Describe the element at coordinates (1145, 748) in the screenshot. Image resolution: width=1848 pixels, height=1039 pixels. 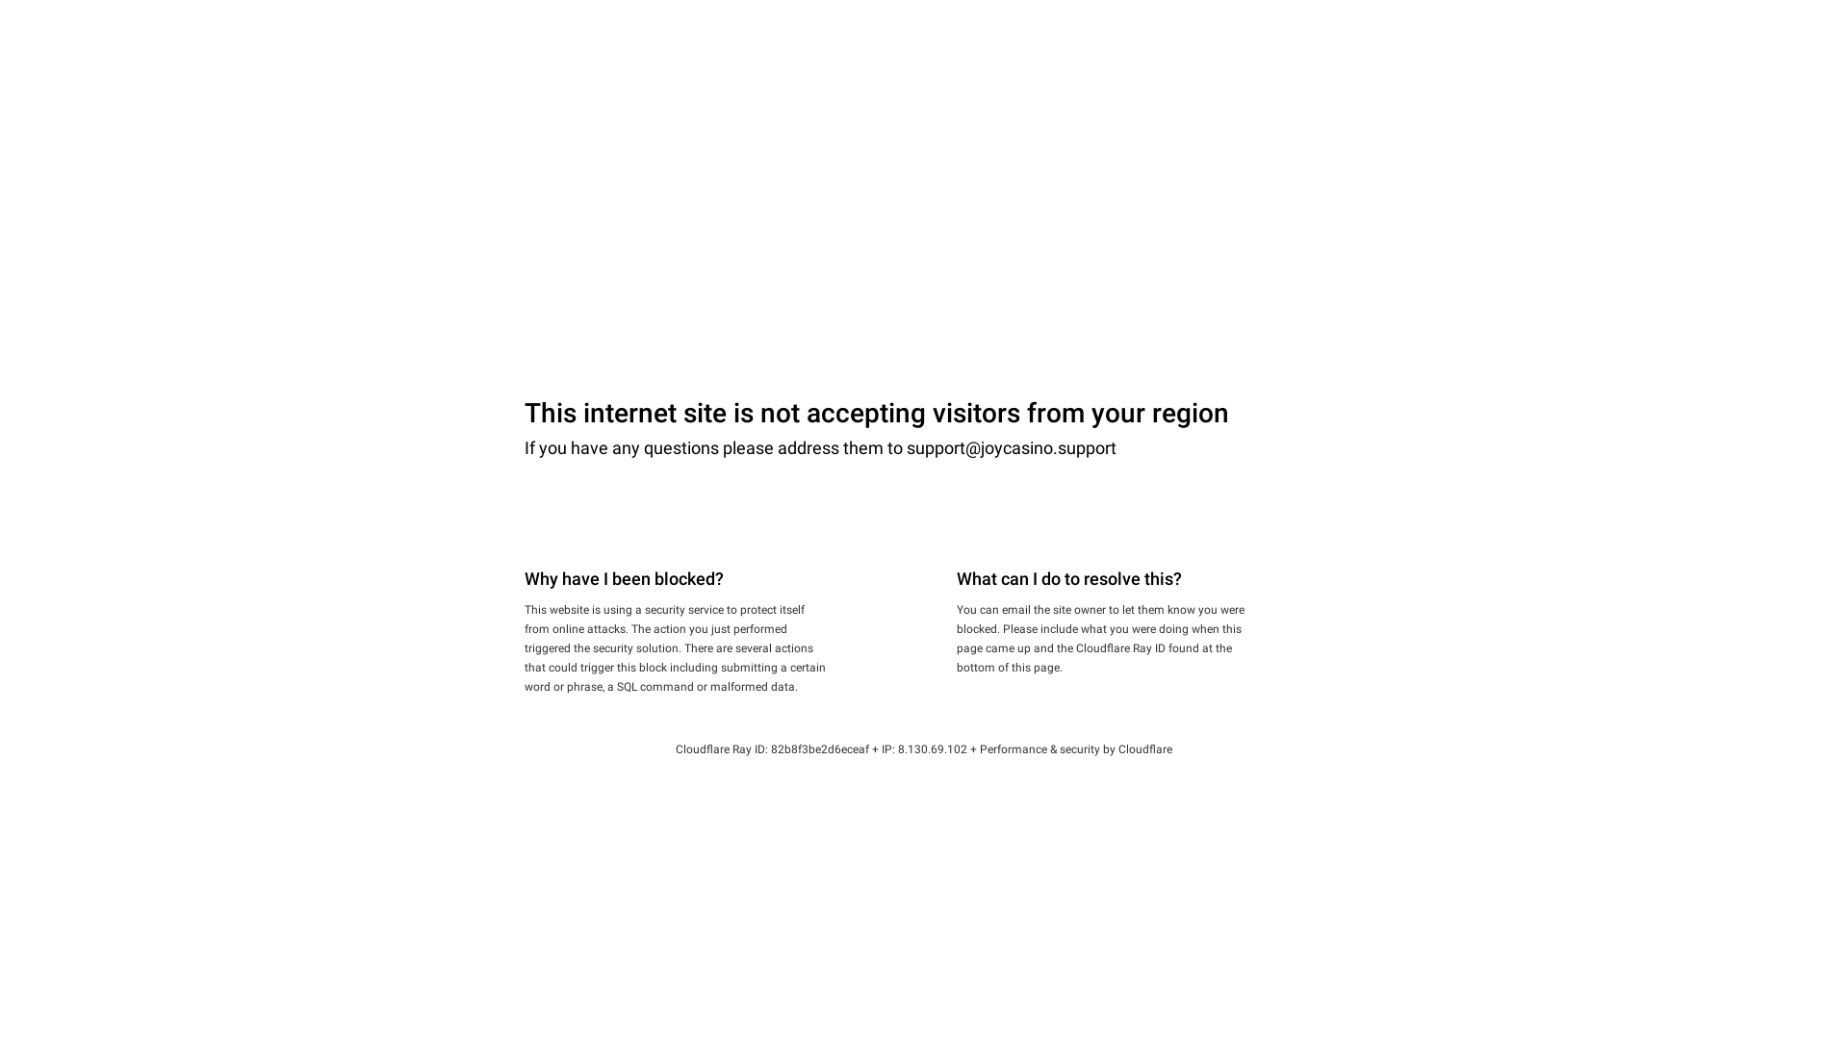
I see `'Cloudflare'` at that location.